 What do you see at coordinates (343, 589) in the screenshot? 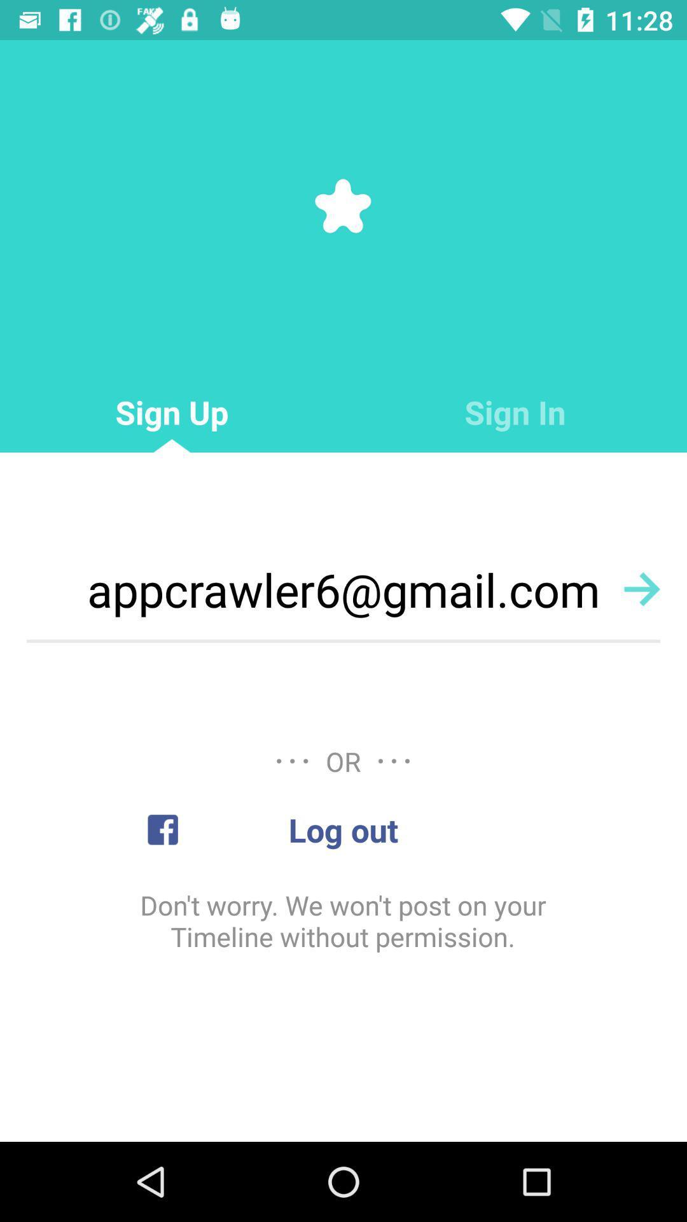
I see `the icon below the sign up item` at bounding box center [343, 589].